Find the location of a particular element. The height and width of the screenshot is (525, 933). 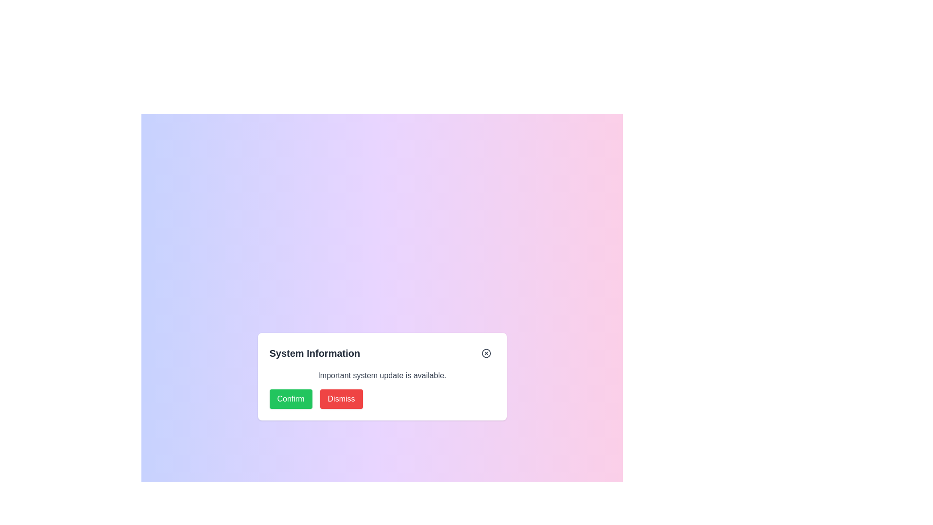

the 'Confirm' button with a green background and white text located near the center bottom of the 'System Information' modal dialog to confirm the action is located at coordinates (290, 399).